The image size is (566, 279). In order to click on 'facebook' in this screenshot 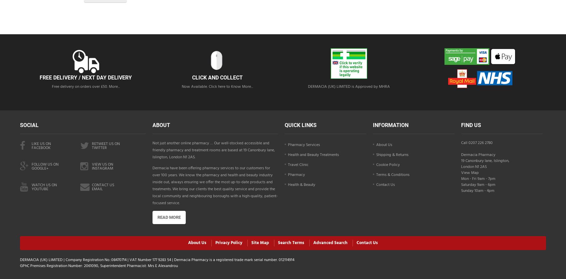, I will do `click(41, 148)`.